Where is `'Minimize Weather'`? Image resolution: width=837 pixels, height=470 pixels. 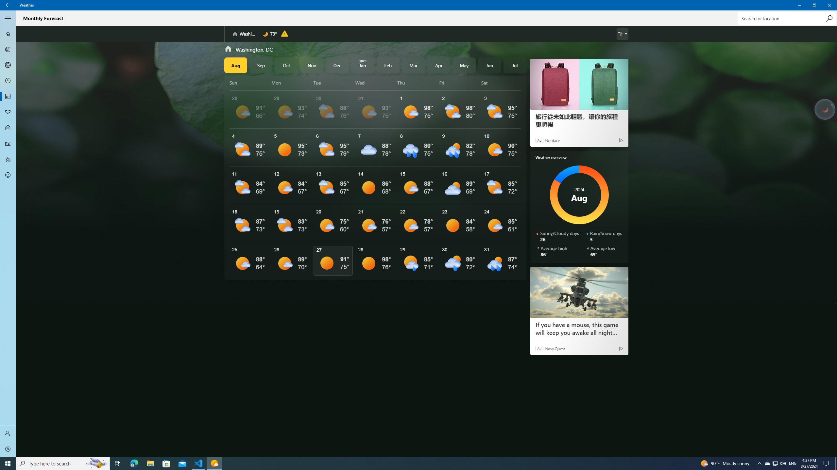
'Minimize Weather' is located at coordinates (799, 5).